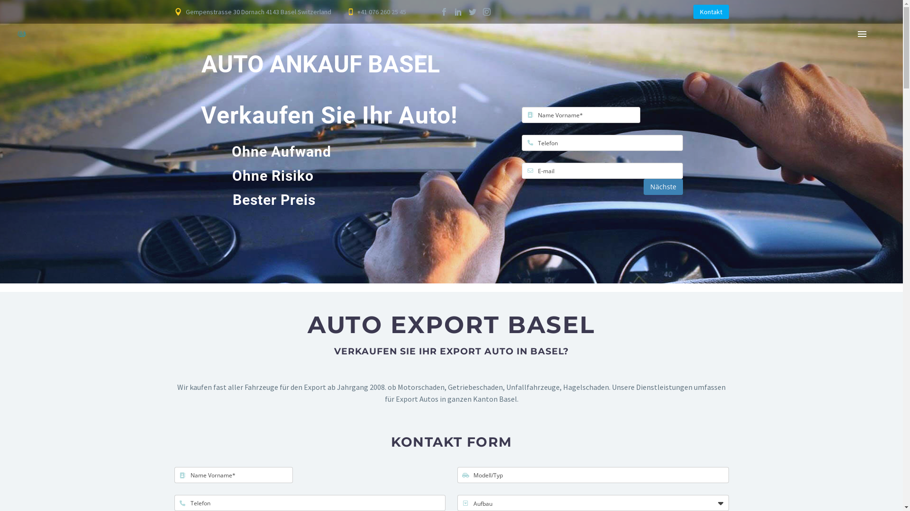 Image resolution: width=910 pixels, height=511 pixels. Describe the element at coordinates (487, 11) in the screenshot. I see `'Instagram'` at that location.